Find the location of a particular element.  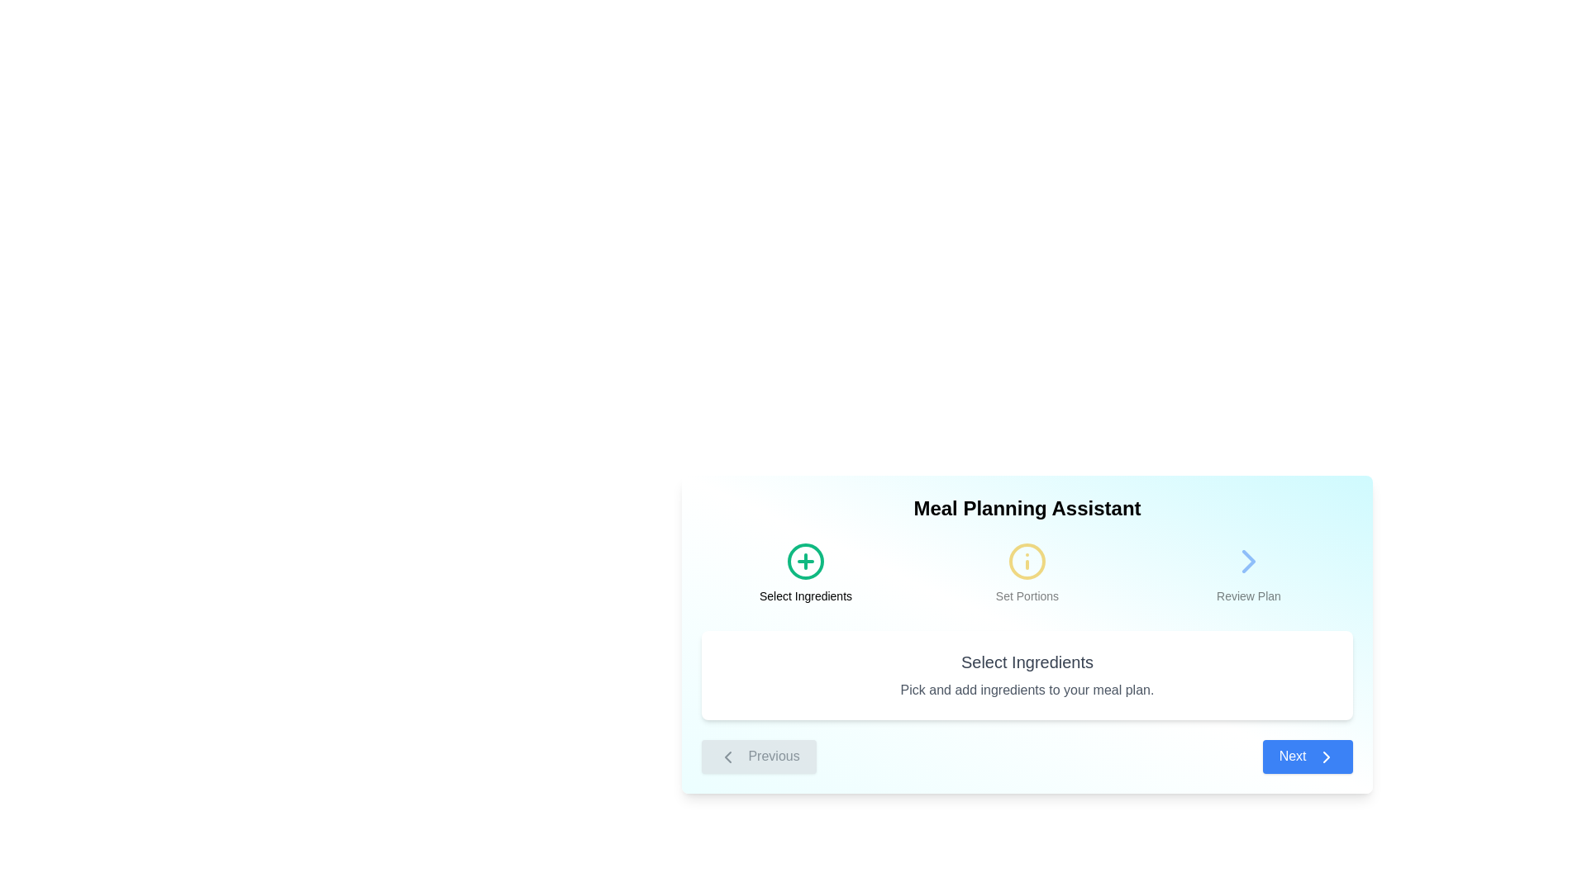

text label 'Set Portions' located beneath the 'Meal Planning Assistant' heading and directly below the information icon is located at coordinates (1027, 595).